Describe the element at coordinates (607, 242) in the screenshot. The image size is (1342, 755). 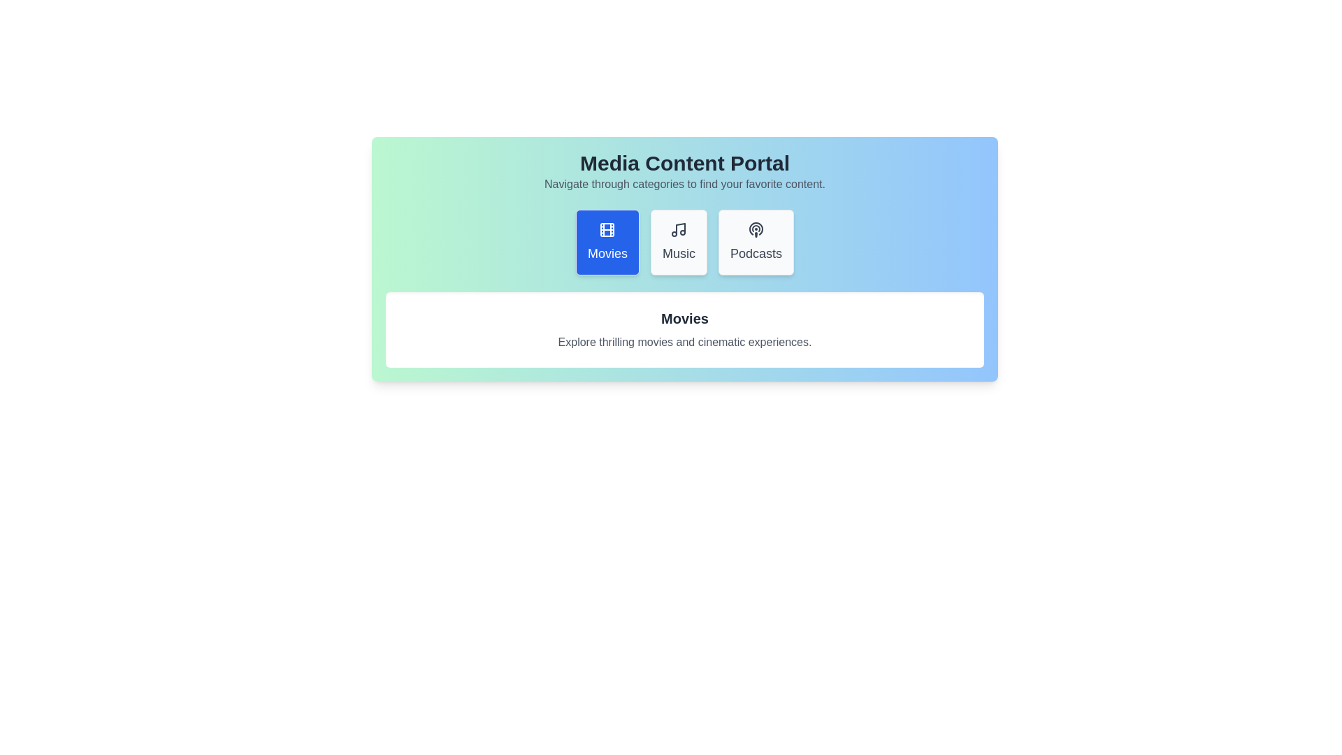
I see `the Movies tab by clicking on its button` at that location.